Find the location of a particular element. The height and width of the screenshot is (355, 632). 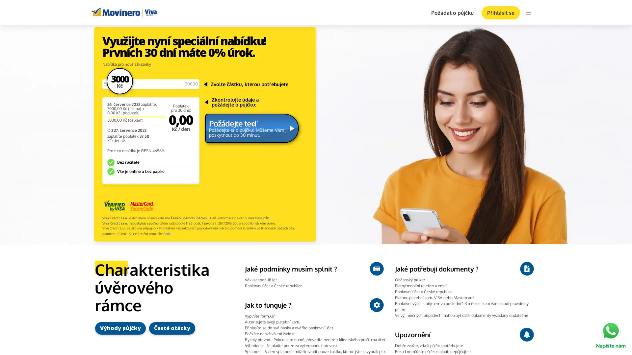

Ok is located at coordinates (99, 342).